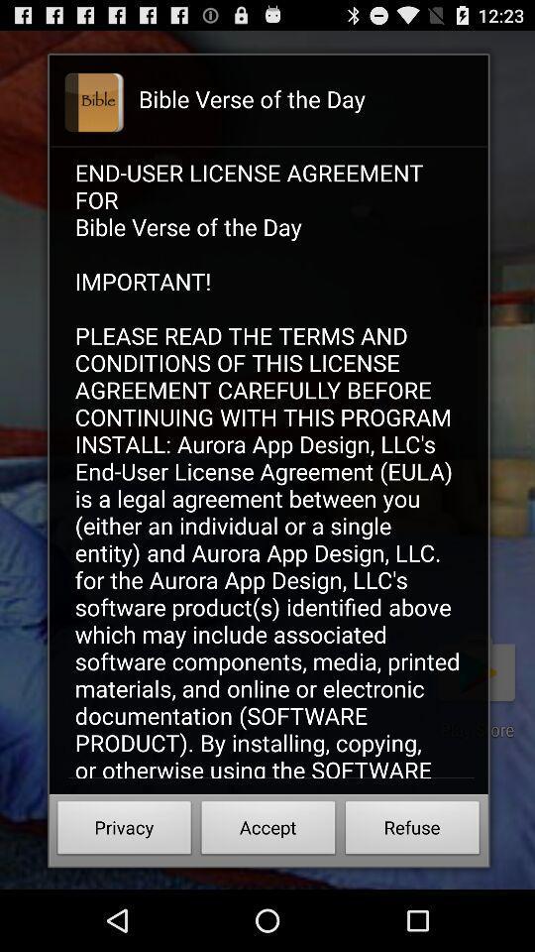 The height and width of the screenshot is (952, 535). I want to click on refuse icon, so click(411, 830).